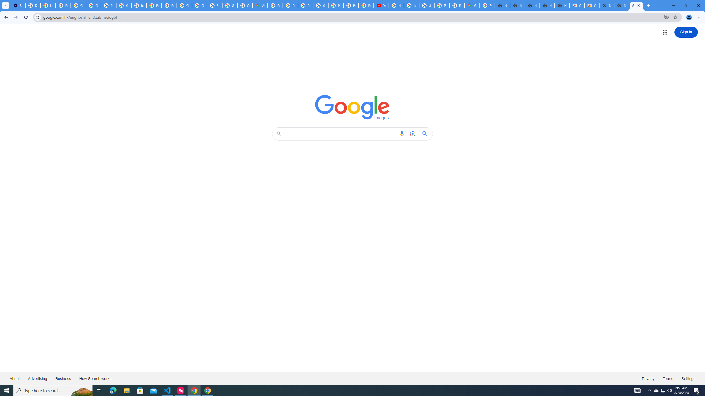 The width and height of the screenshot is (705, 396). I want to click on 'Sign in - Google Accounts', so click(214, 5).